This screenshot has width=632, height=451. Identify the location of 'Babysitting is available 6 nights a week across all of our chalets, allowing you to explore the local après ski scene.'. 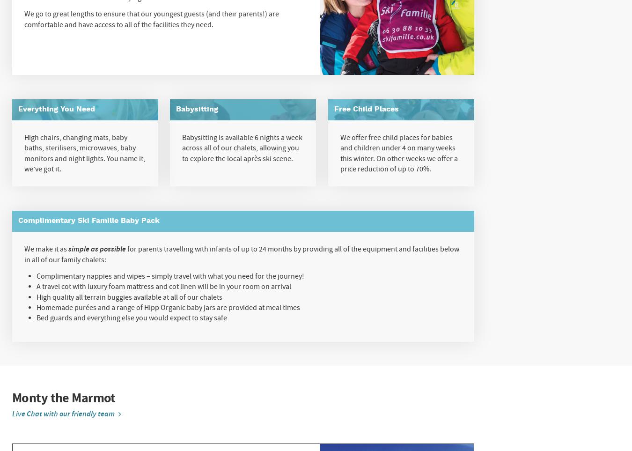
(182, 148).